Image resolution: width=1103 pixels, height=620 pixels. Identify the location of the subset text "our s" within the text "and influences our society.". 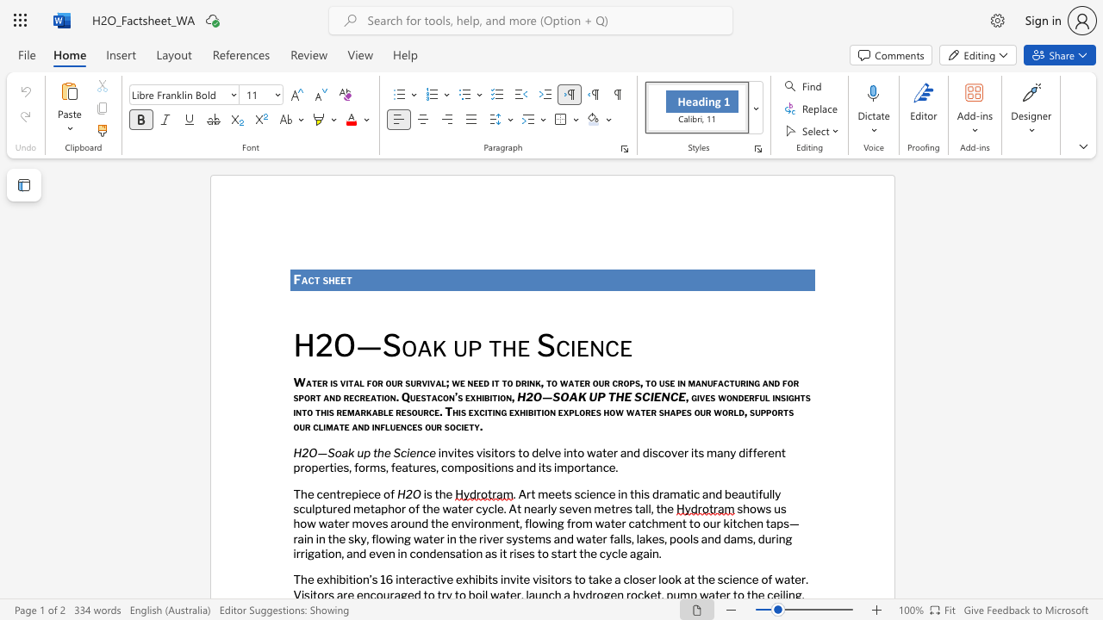
(425, 426).